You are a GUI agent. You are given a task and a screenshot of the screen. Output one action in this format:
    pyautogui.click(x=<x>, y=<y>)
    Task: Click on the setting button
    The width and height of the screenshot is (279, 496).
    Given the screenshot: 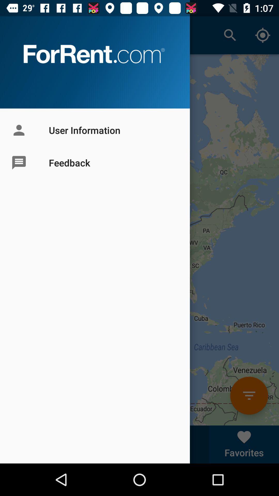 What is the action you would take?
    pyautogui.click(x=249, y=395)
    